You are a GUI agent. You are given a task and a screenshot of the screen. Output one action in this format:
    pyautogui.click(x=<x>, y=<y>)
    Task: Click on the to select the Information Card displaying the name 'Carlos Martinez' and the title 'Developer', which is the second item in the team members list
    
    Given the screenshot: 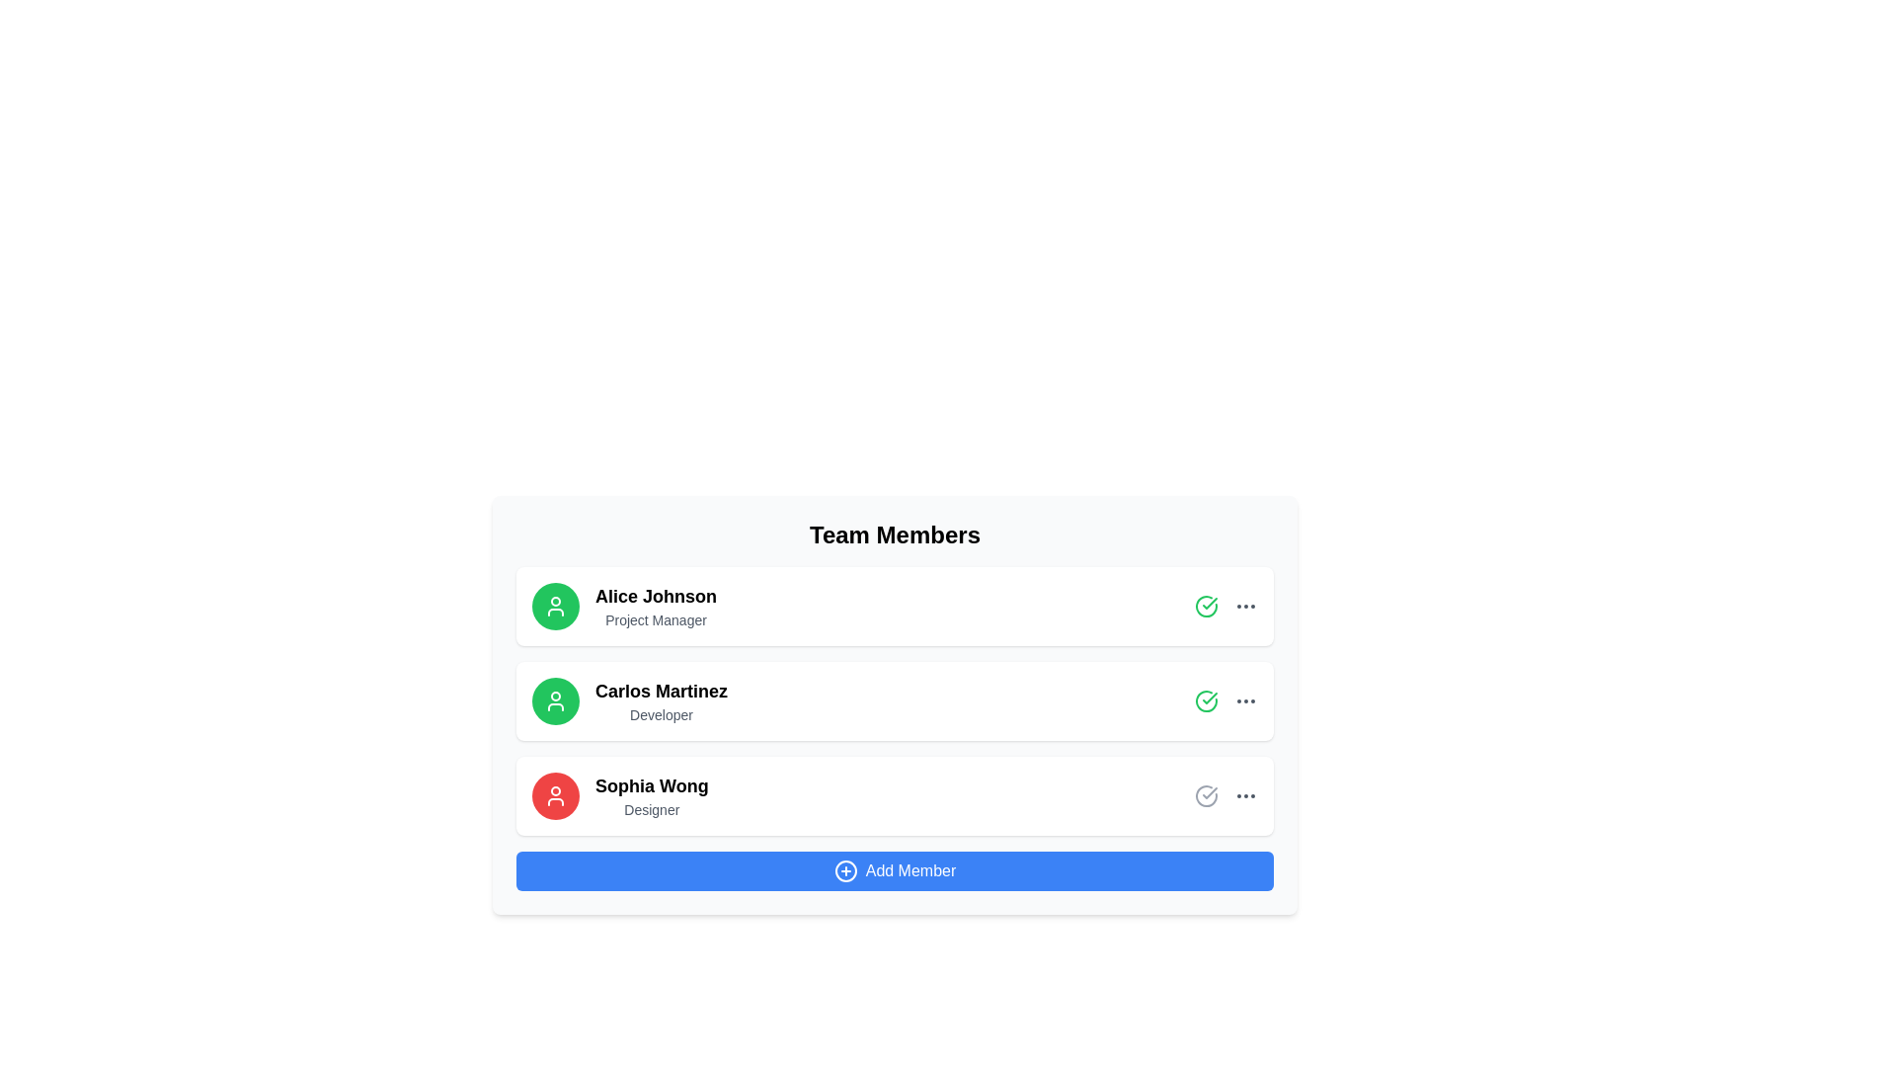 What is the action you would take?
    pyautogui.click(x=894, y=719)
    